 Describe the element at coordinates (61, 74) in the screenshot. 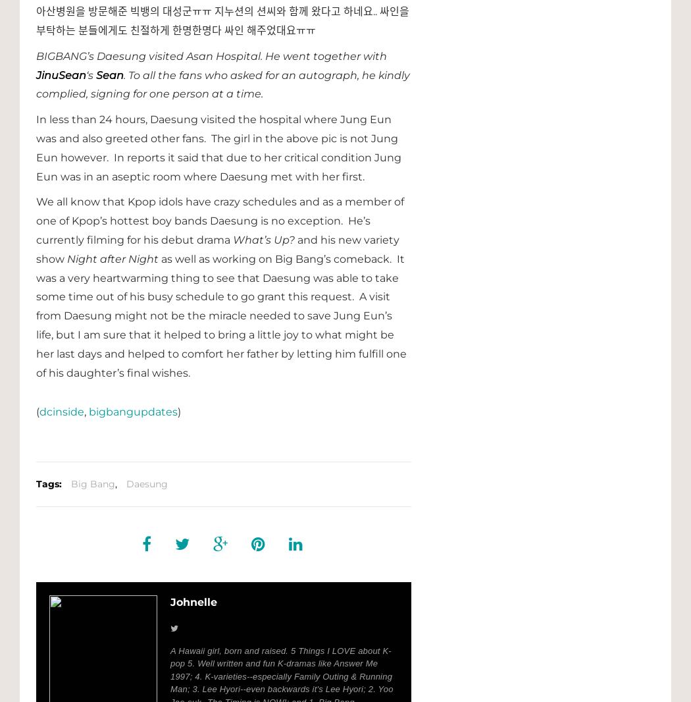

I see `'JinuSean'` at that location.